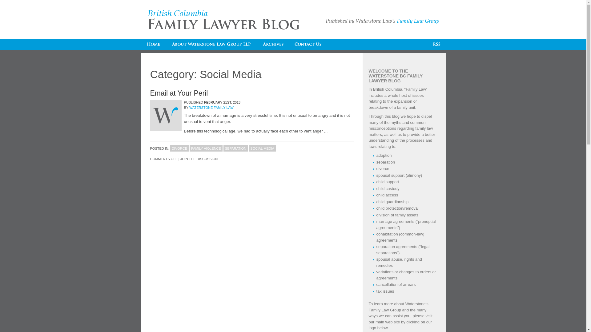 The width and height of the screenshot is (591, 332). What do you see at coordinates (308, 44) in the screenshot?
I see `'Contact Us'` at bounding box center [308, 44].